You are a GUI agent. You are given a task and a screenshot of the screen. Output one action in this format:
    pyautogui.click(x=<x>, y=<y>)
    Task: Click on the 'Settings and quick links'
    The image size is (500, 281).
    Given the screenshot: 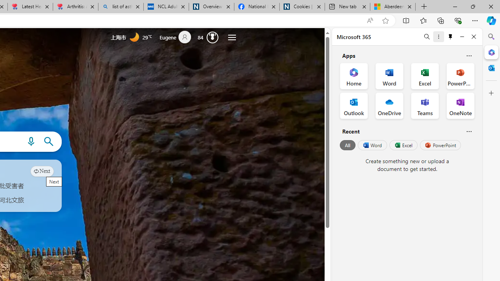 What is the action you would take?
    pyautogui.click(x=232, y=37)
    